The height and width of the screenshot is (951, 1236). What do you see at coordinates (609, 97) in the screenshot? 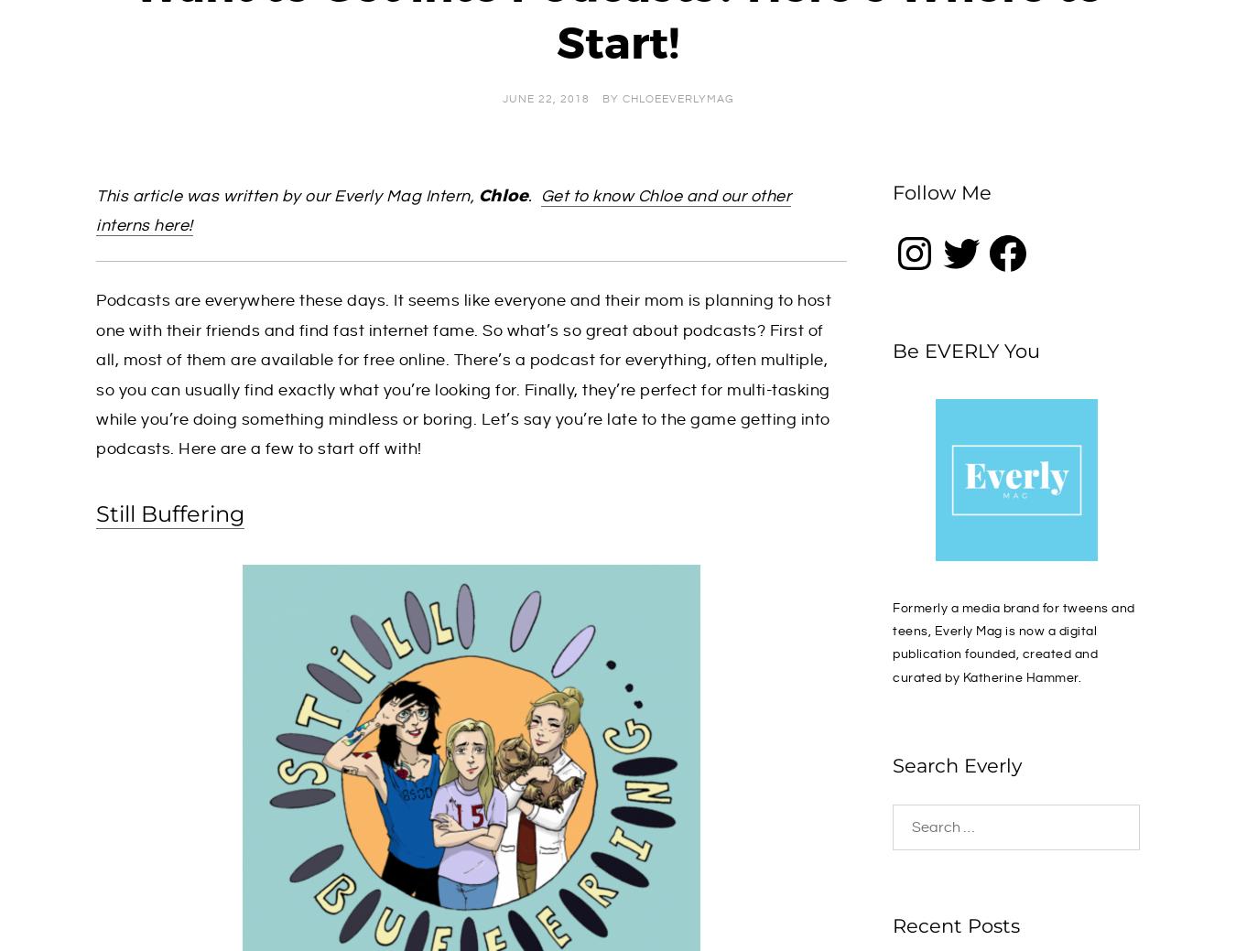
I see `'by'` at bounding box center [609, 97].